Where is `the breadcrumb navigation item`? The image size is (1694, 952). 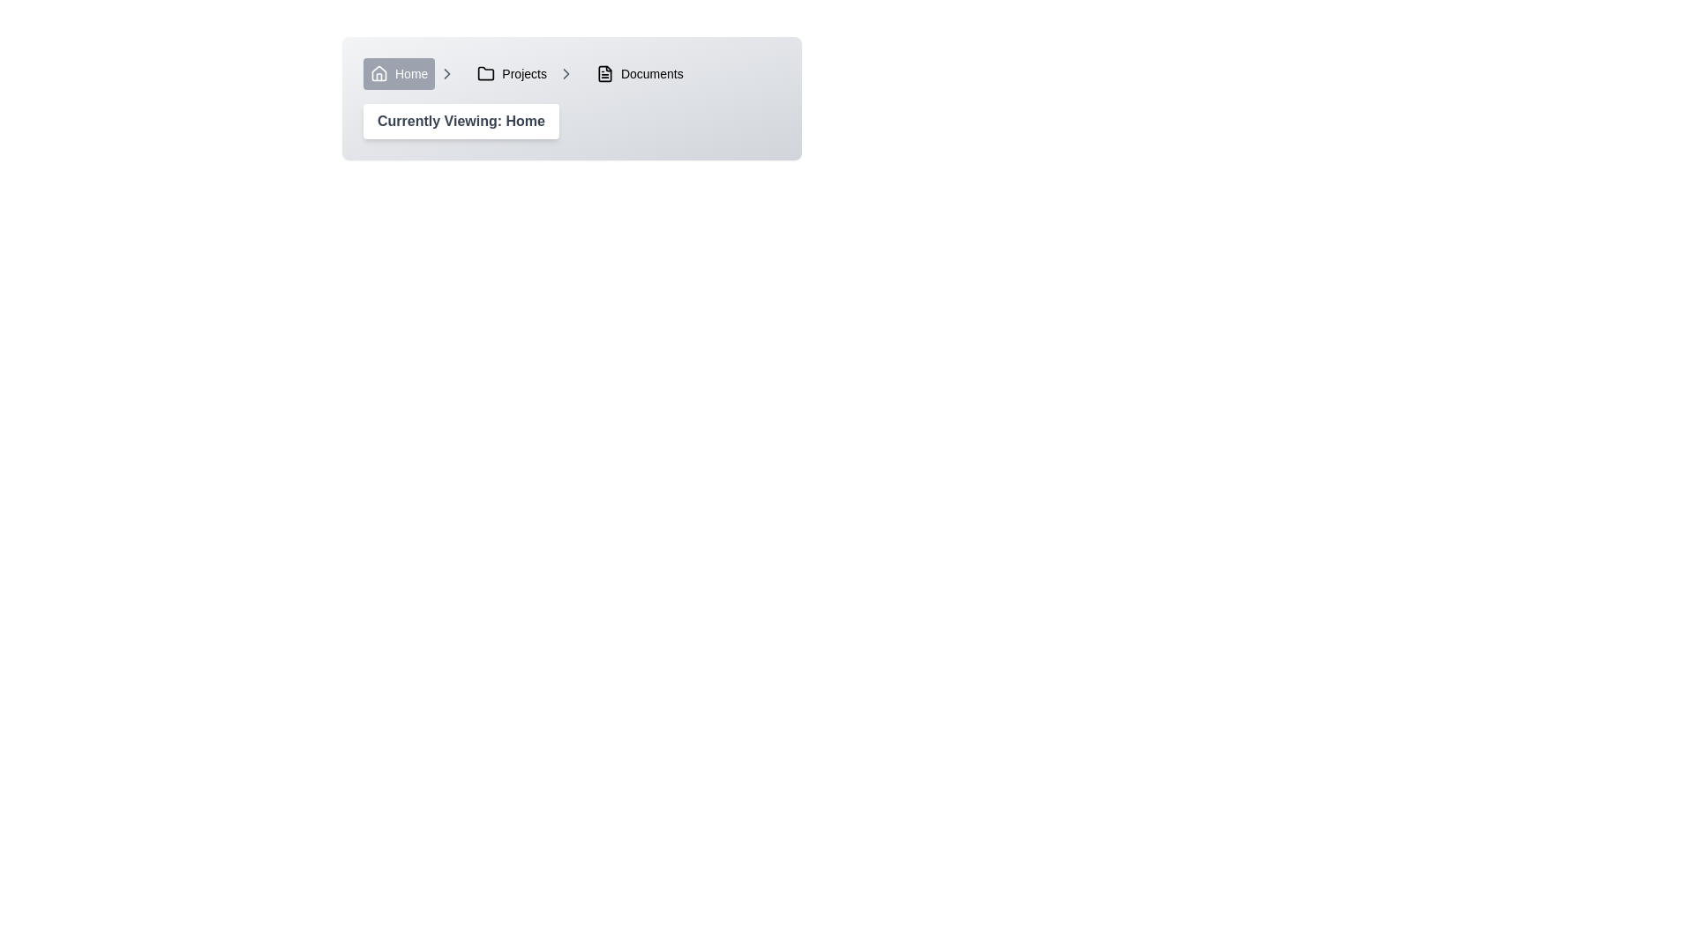 the breadcrumb navigation item is located at coordinates (572, 73).